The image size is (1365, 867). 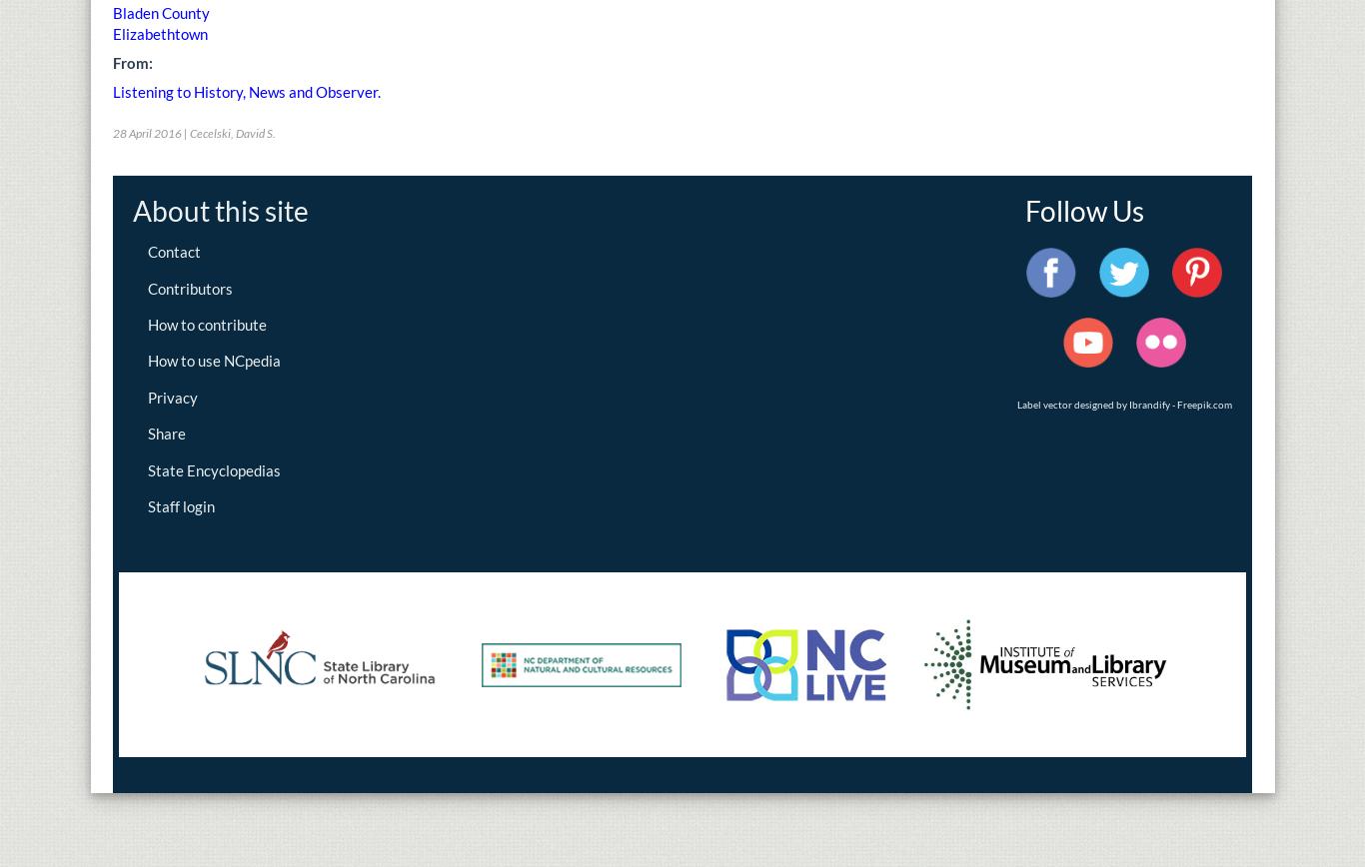 What do you see at coordinates (146, 288) in the screenshot?
I see `'Contributors'` at bounding box center [146, 288].